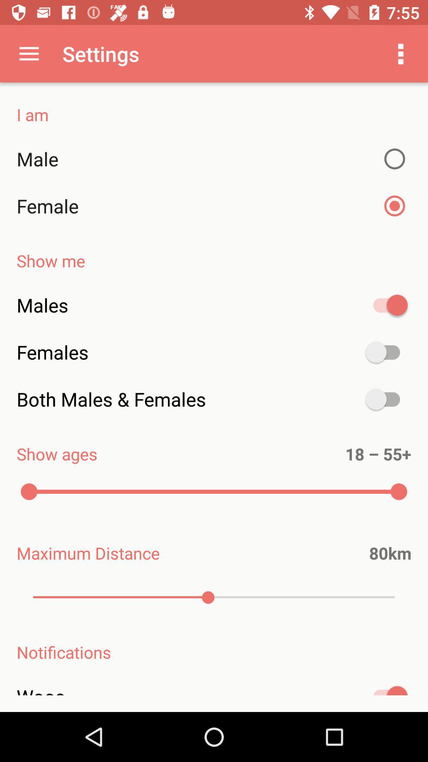 This screenshot has width=428, height=762. What do you see at coordinates (214, 399) in the screenshot?
I see `both males & females item` at bounding box center [214, 399].